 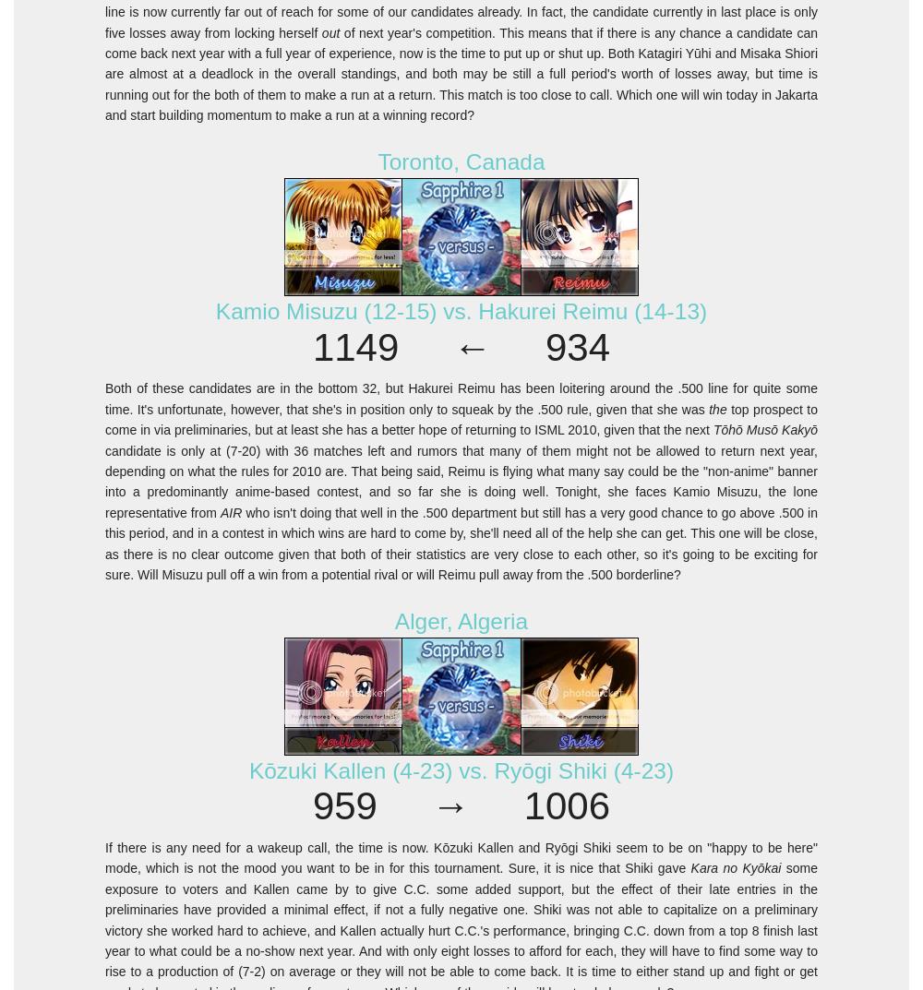 What do you see at coordinates (717, 409) in the screenshot?
I see `'the'` at bounding box center [717, 409].